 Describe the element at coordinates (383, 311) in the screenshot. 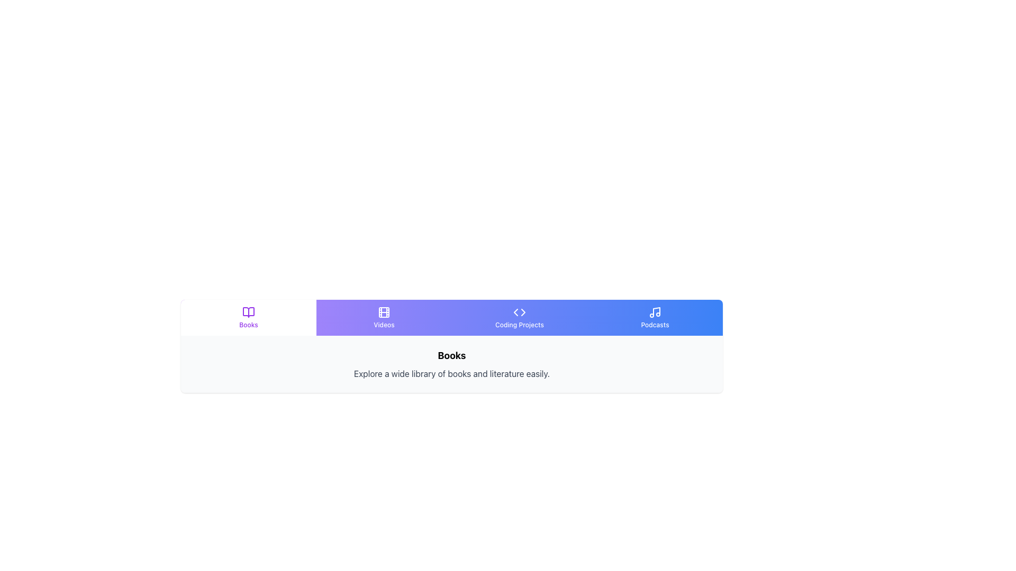

I see `the SVG Rectangle element within the 'Videos' section of the navigation bar, which is part of a film reel icon` at that location.